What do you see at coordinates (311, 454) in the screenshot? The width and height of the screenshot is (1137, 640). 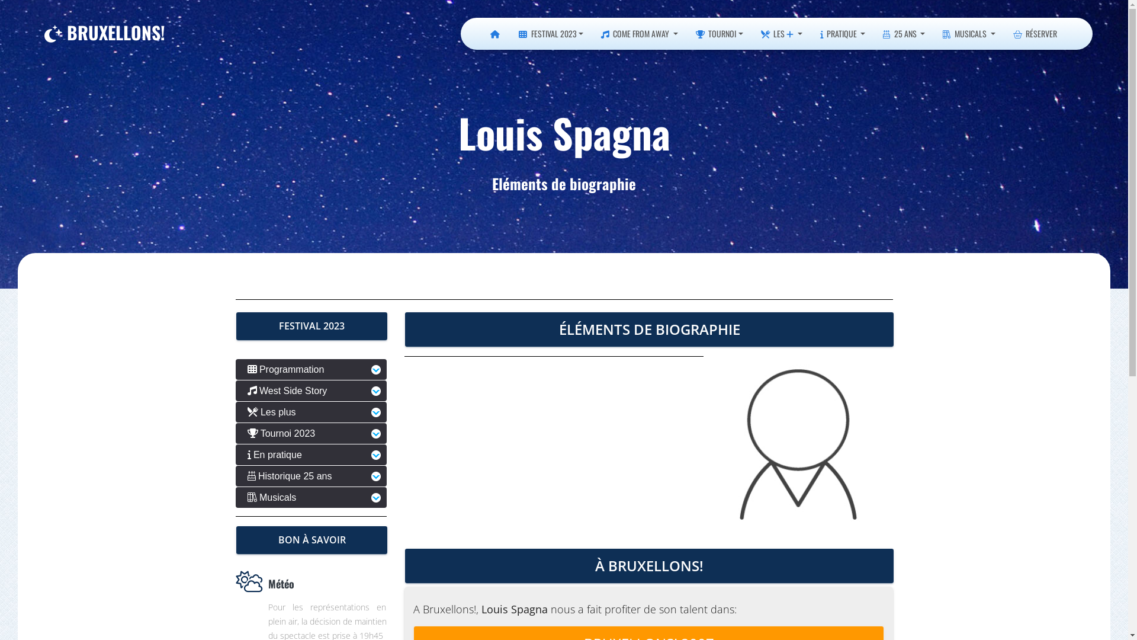 I see `'En pratique'` at bounding box center [311, 454].